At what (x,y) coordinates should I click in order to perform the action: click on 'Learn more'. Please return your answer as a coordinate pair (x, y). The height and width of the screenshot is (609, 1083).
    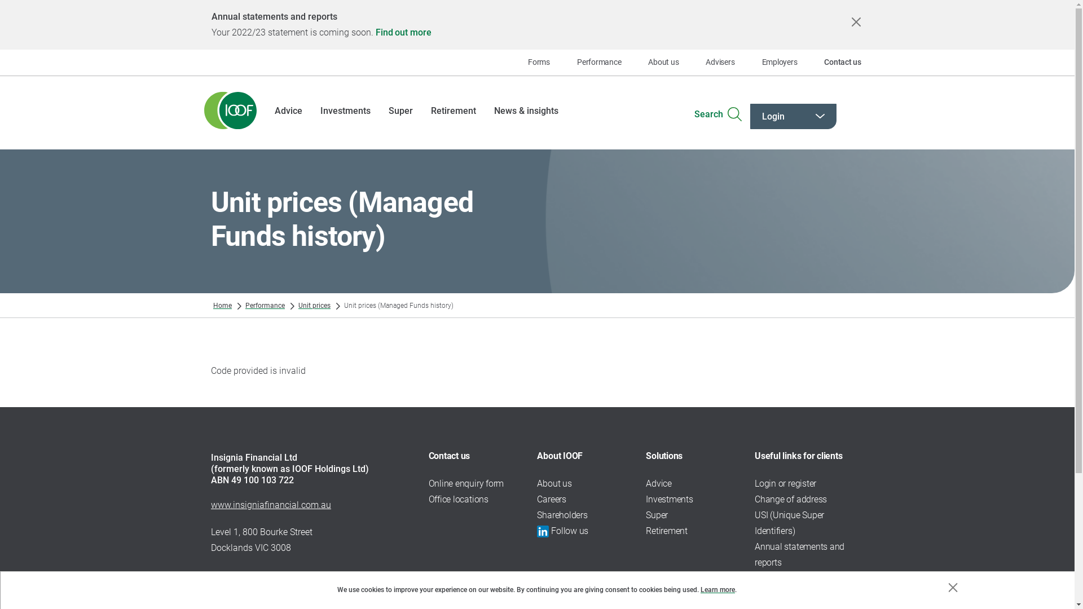
    Looking at the image, I should click on (717, 589).